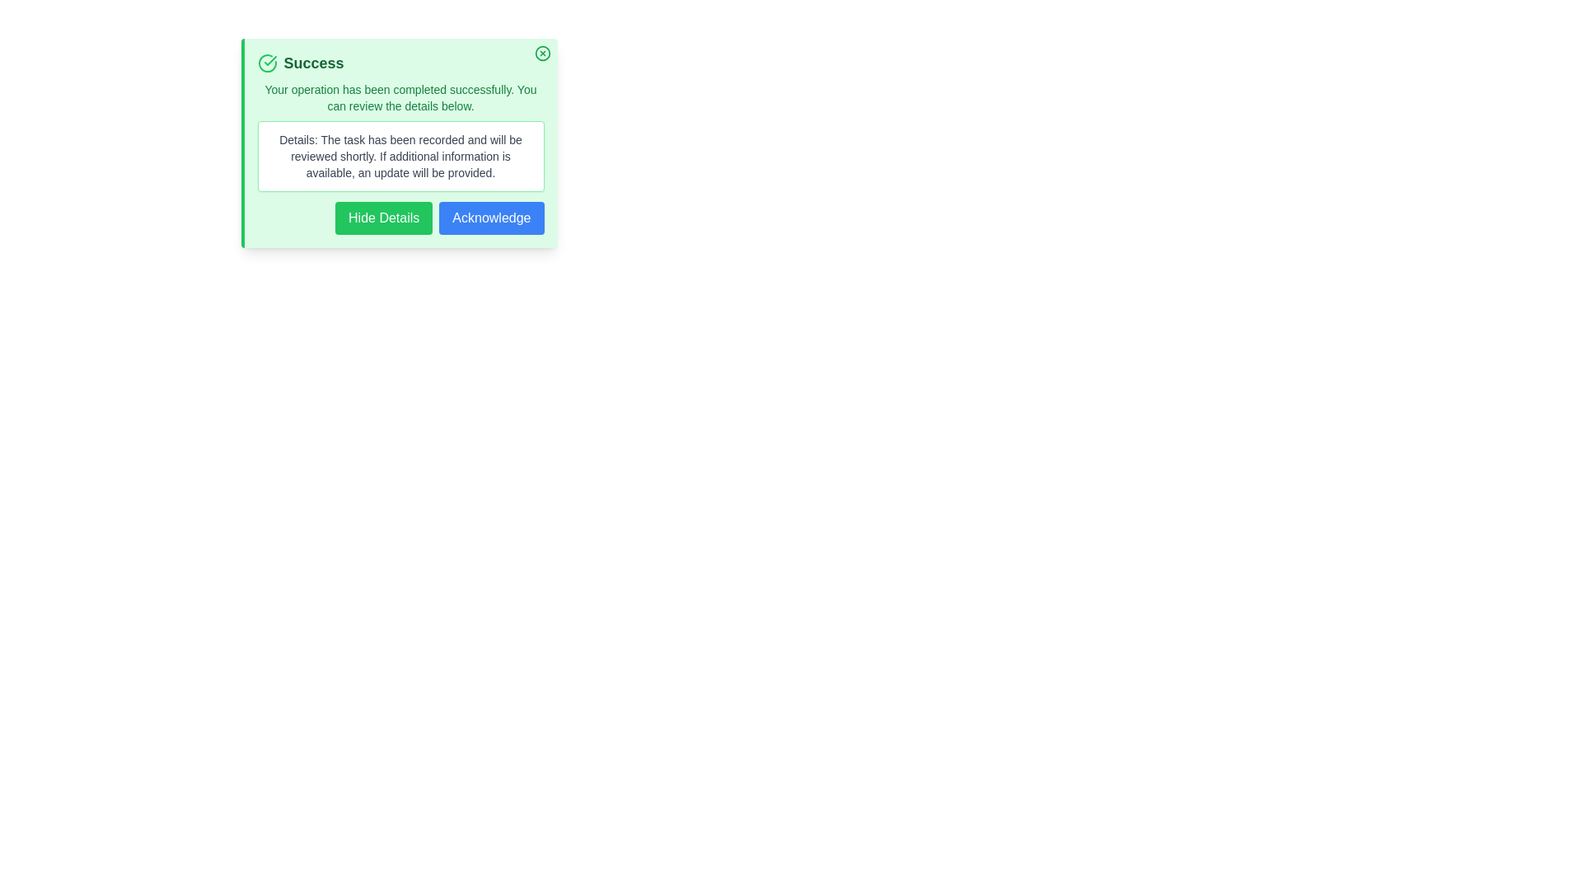 Image resolution: width=1582 pixels, height=890 pixels. I want to click on the details section text to select it, so click(400, 156).